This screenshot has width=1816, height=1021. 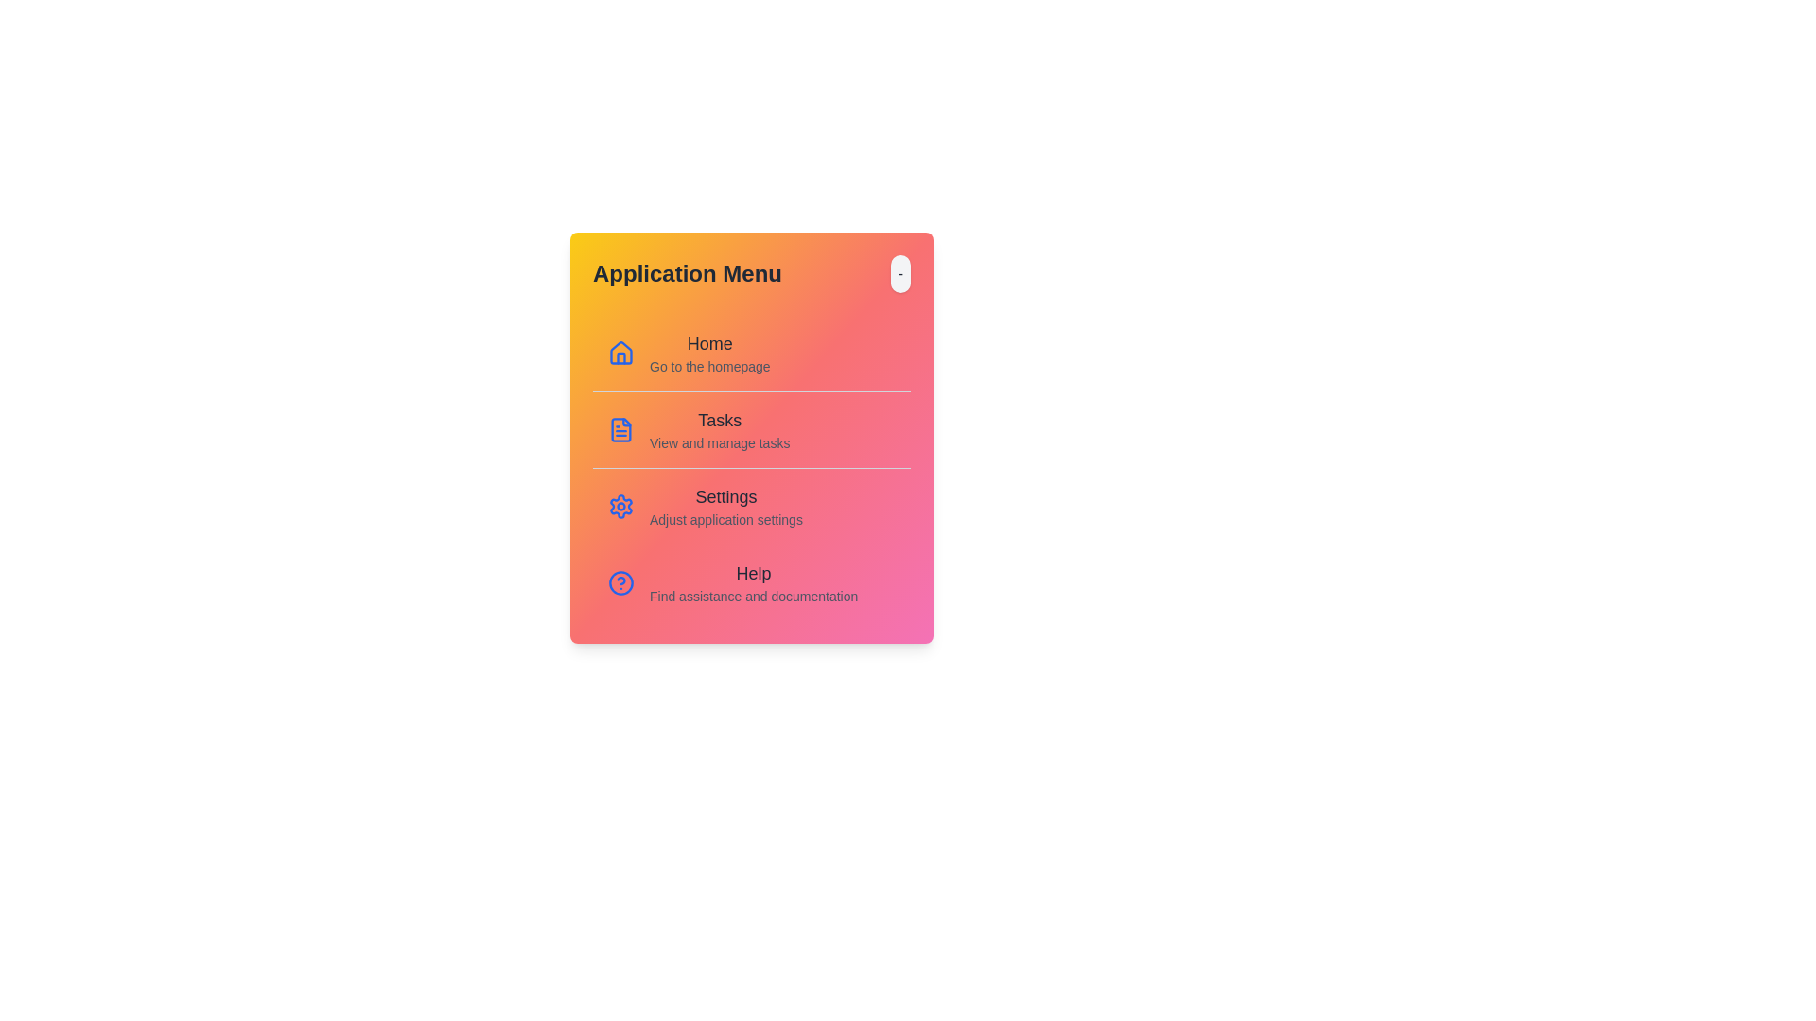 I want to click on the menu item corresponding to Home, so click(x=751, y=354).